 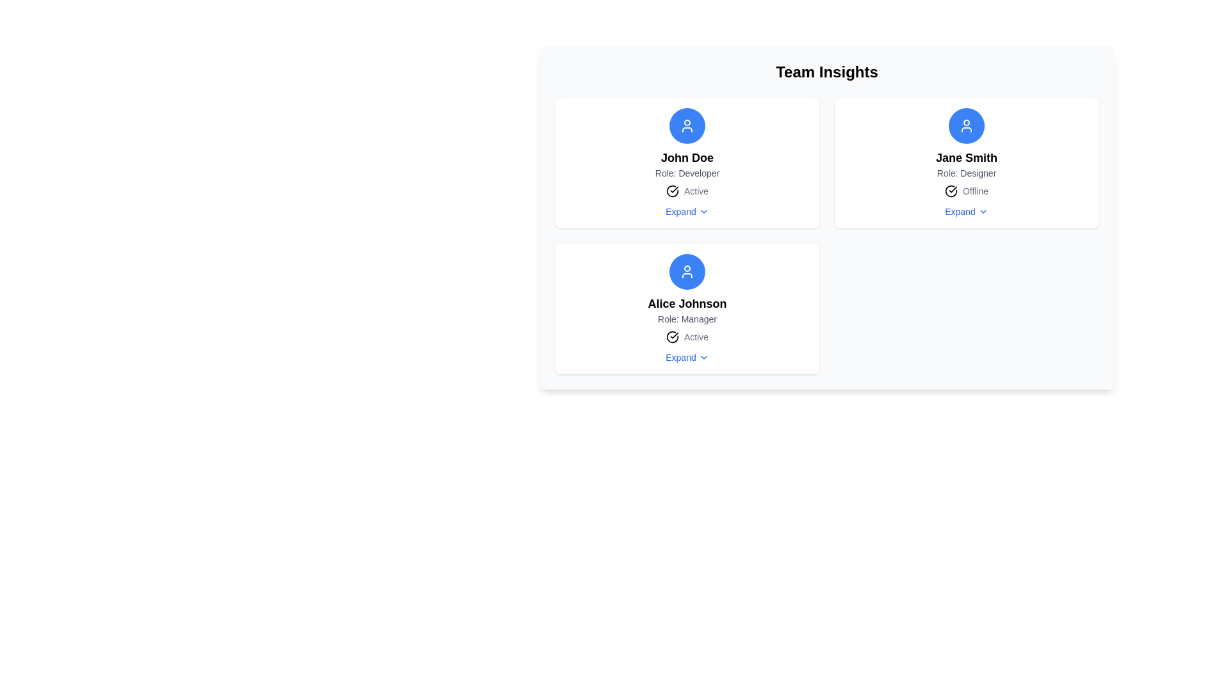 What do you see at coordinates (951, 191) in the screenshot?
I see `the status indicator icon for 'Jane Smith' in the 'Team Insights' section, located below the role text 'Designer' and to the left of the status label 'Offline'` at bounding box center [951, 191].